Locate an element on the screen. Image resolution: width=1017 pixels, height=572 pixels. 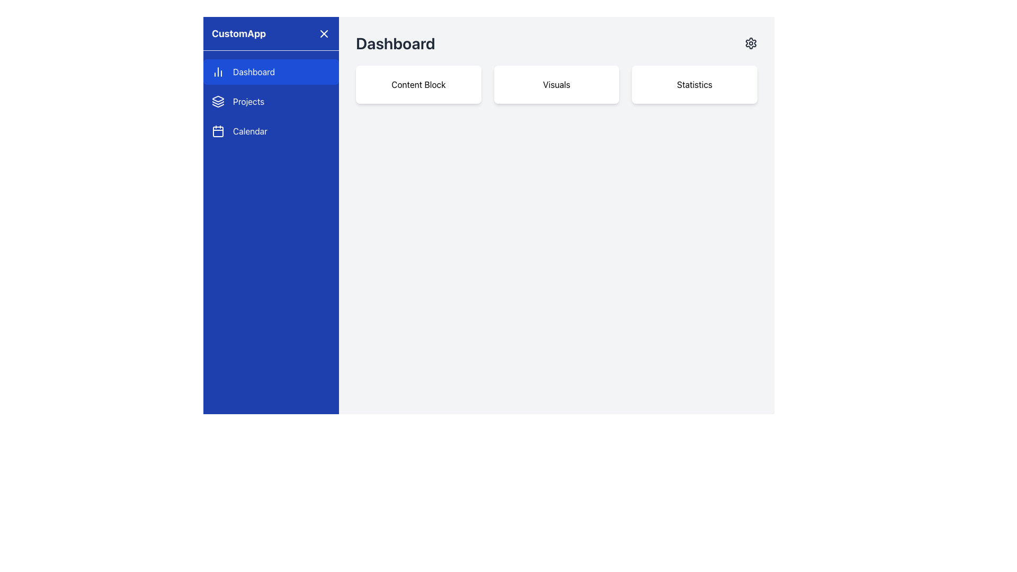
the 'Calendar' icon located in the navigation bar, which is the third menu item from the top, above the label text 'Calendar' is located at coordinates (218, 130).